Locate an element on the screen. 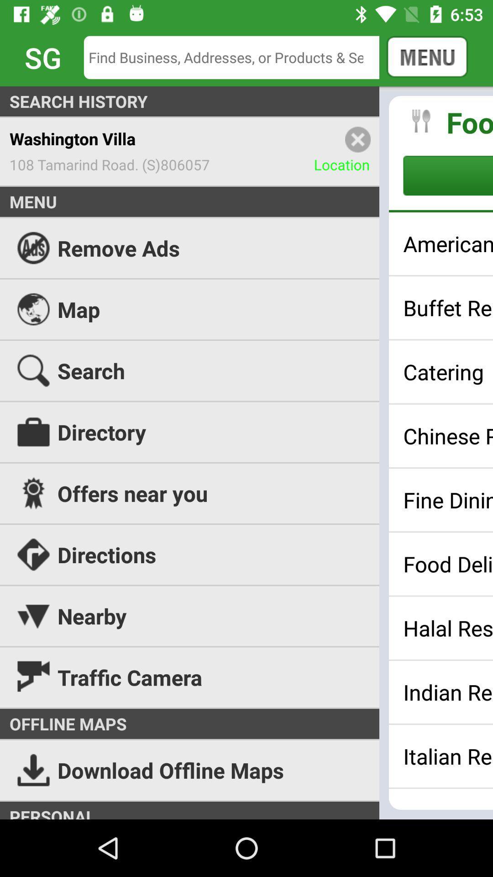 This screenshot has height=877, width=493. the american restaurants item is located at coordinates (447, 243).